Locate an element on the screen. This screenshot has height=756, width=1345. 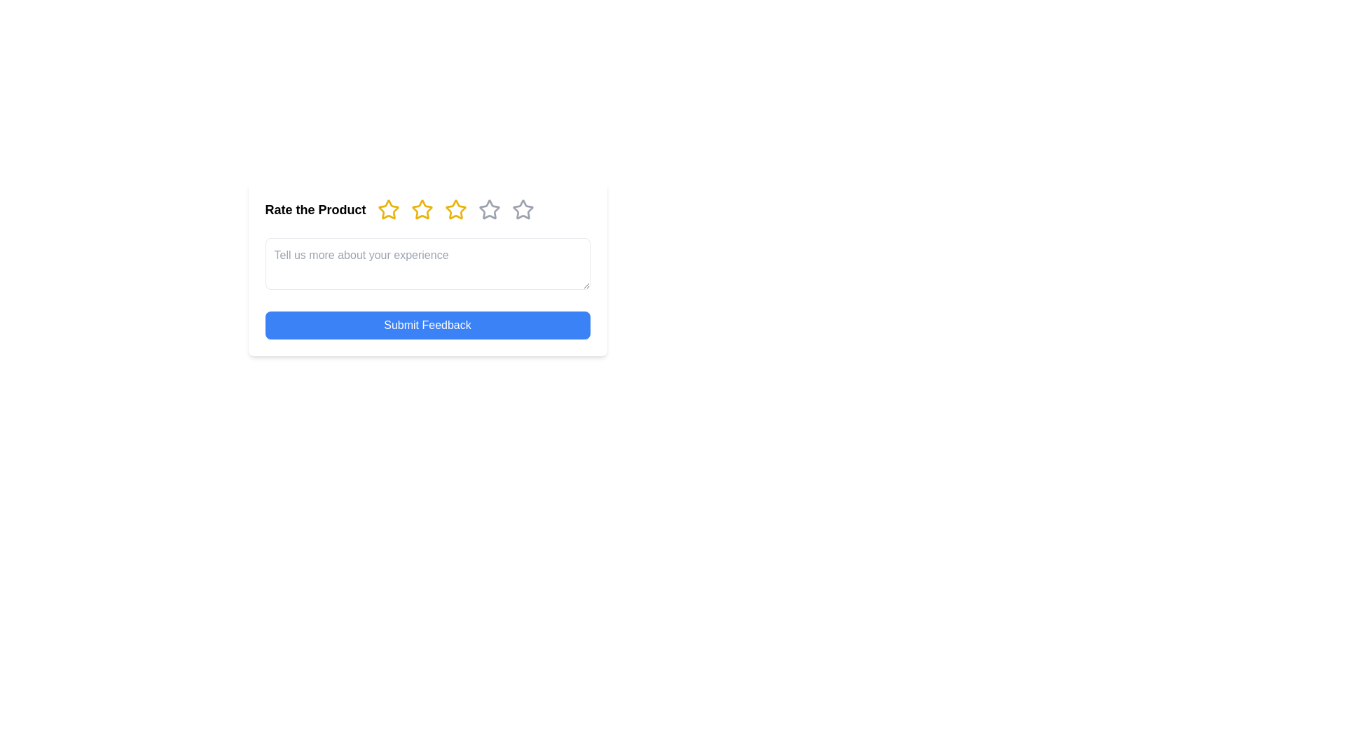
the fourth star icon in the rating row, which is outlined in gray and indicates an unselected state is located at coordinates (489, 210).